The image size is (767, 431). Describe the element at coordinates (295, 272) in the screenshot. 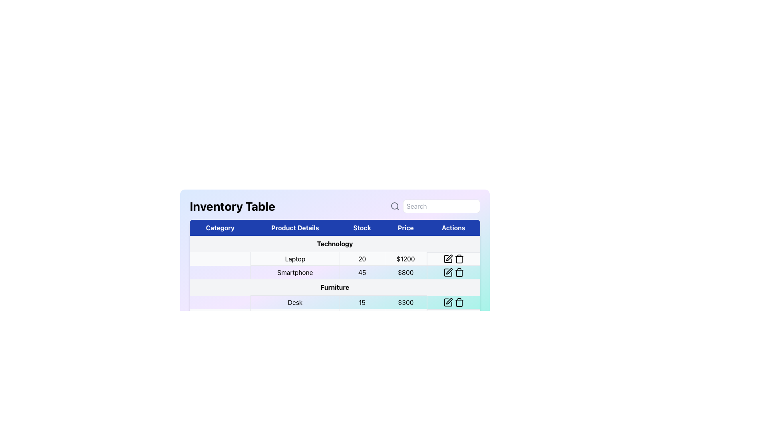

I see `the static text display for the product category 'Smartphone' located in the second row under the 'Product Details' column of the inventory table` at that location.